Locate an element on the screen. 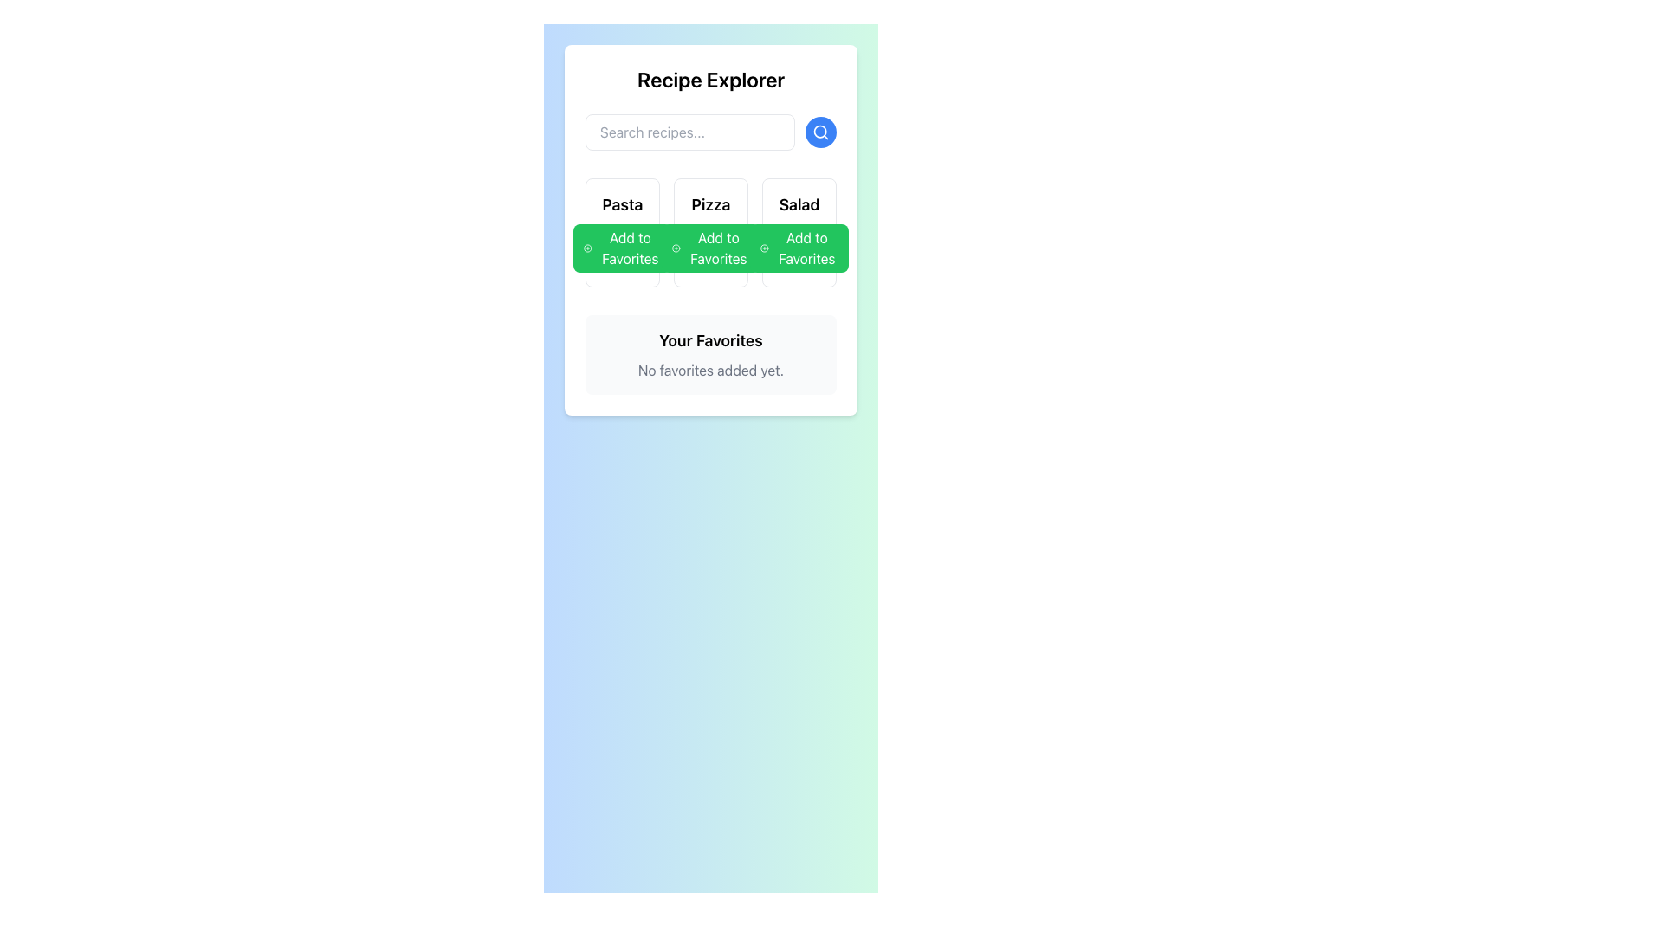 The image size is (1663, 935). the icon representing the action of adding an item to favorites, which is located inside the green action button for the 'Salad' category, to the left of the text 'Add to Favorites' is located at coordinates (764, 248).